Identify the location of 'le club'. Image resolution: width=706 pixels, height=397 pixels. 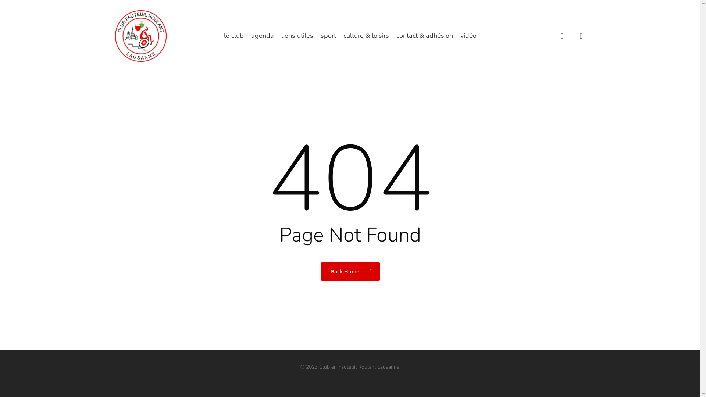
(233, 36).